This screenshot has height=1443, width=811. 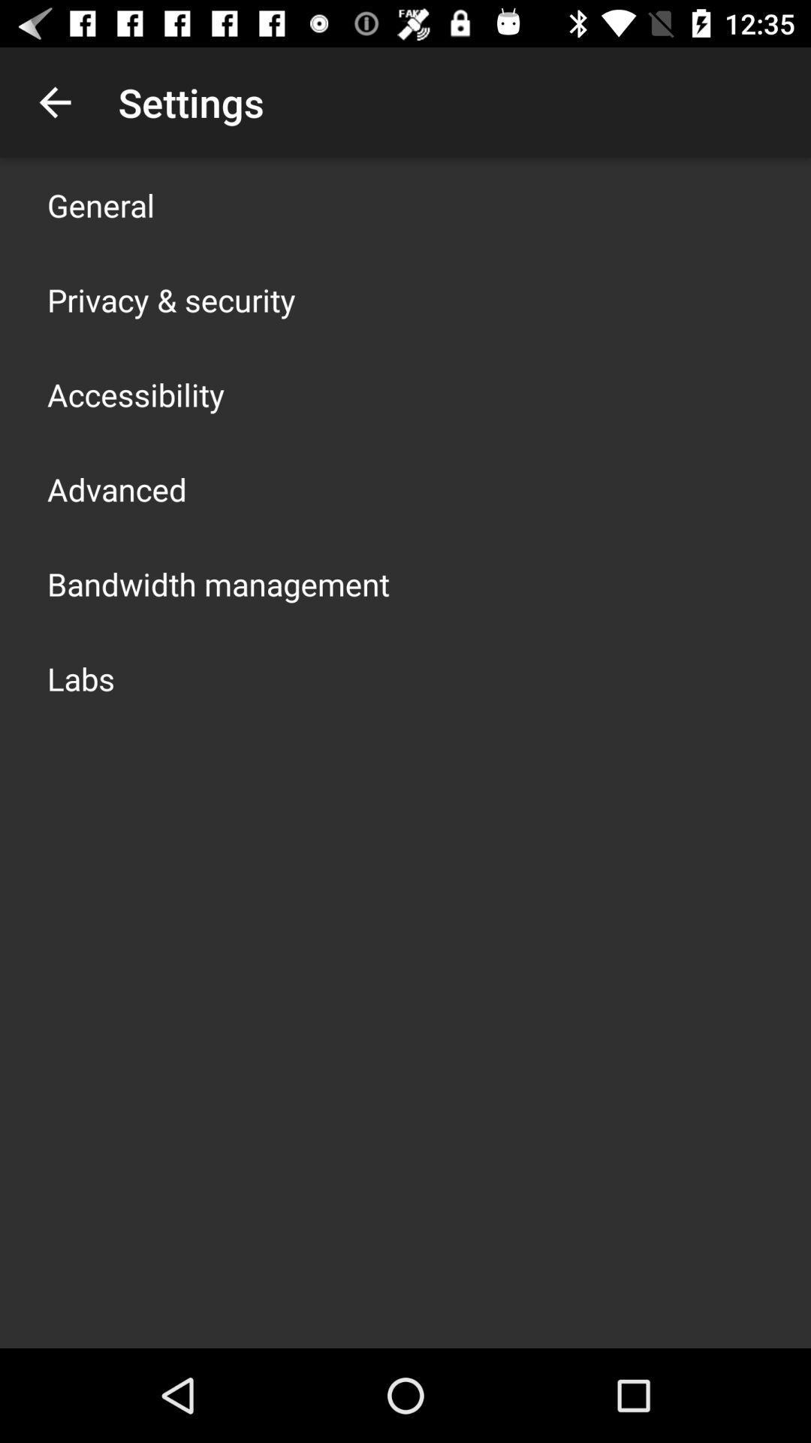 What do you see at coordinates (170, 299) in the screenshot?
I see `the privacy & security` at bounding box center [170, 299].